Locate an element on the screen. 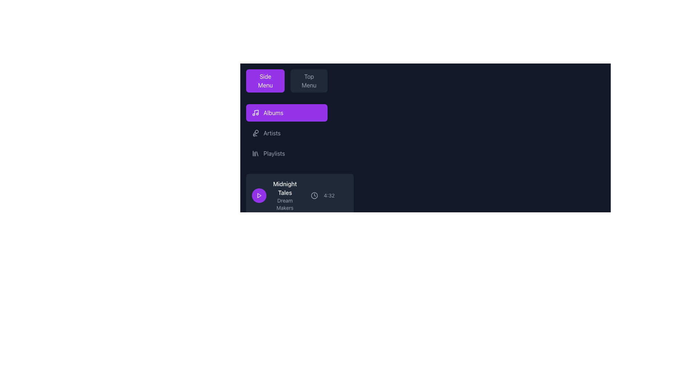 This screenshot has height=392, width=698. the playback control button with an SVG icon located in the bottom right corner of the card titled 'Midnight Tales' is located at coordinates (259, 195).